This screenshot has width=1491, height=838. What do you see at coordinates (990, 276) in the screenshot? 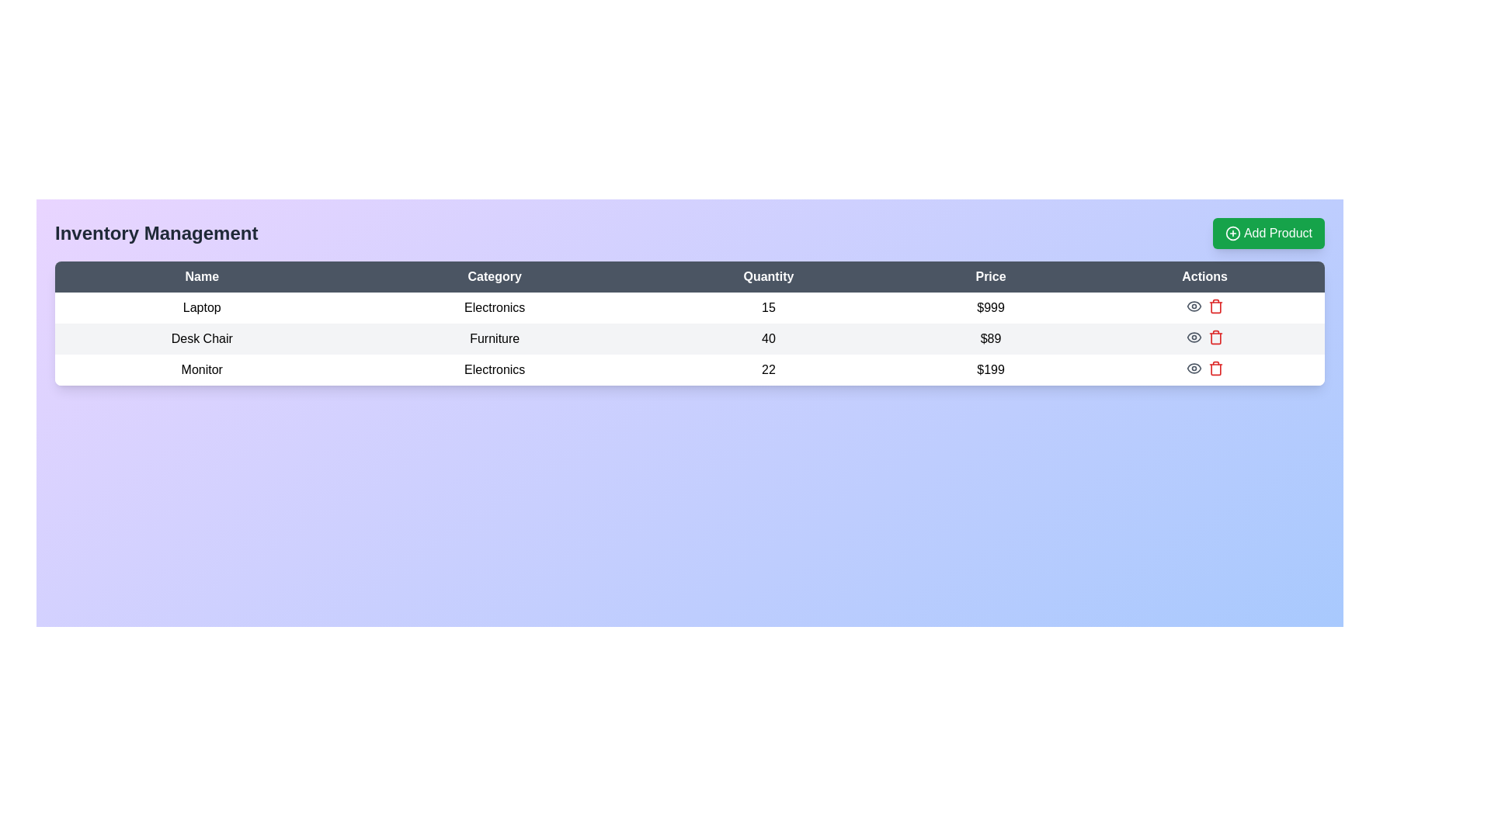
I see `the fourth table header cell, which labels the prices of listed items, positioned between the 'Quantity' and 'Actions' headers` at bounding box center [990, 276].